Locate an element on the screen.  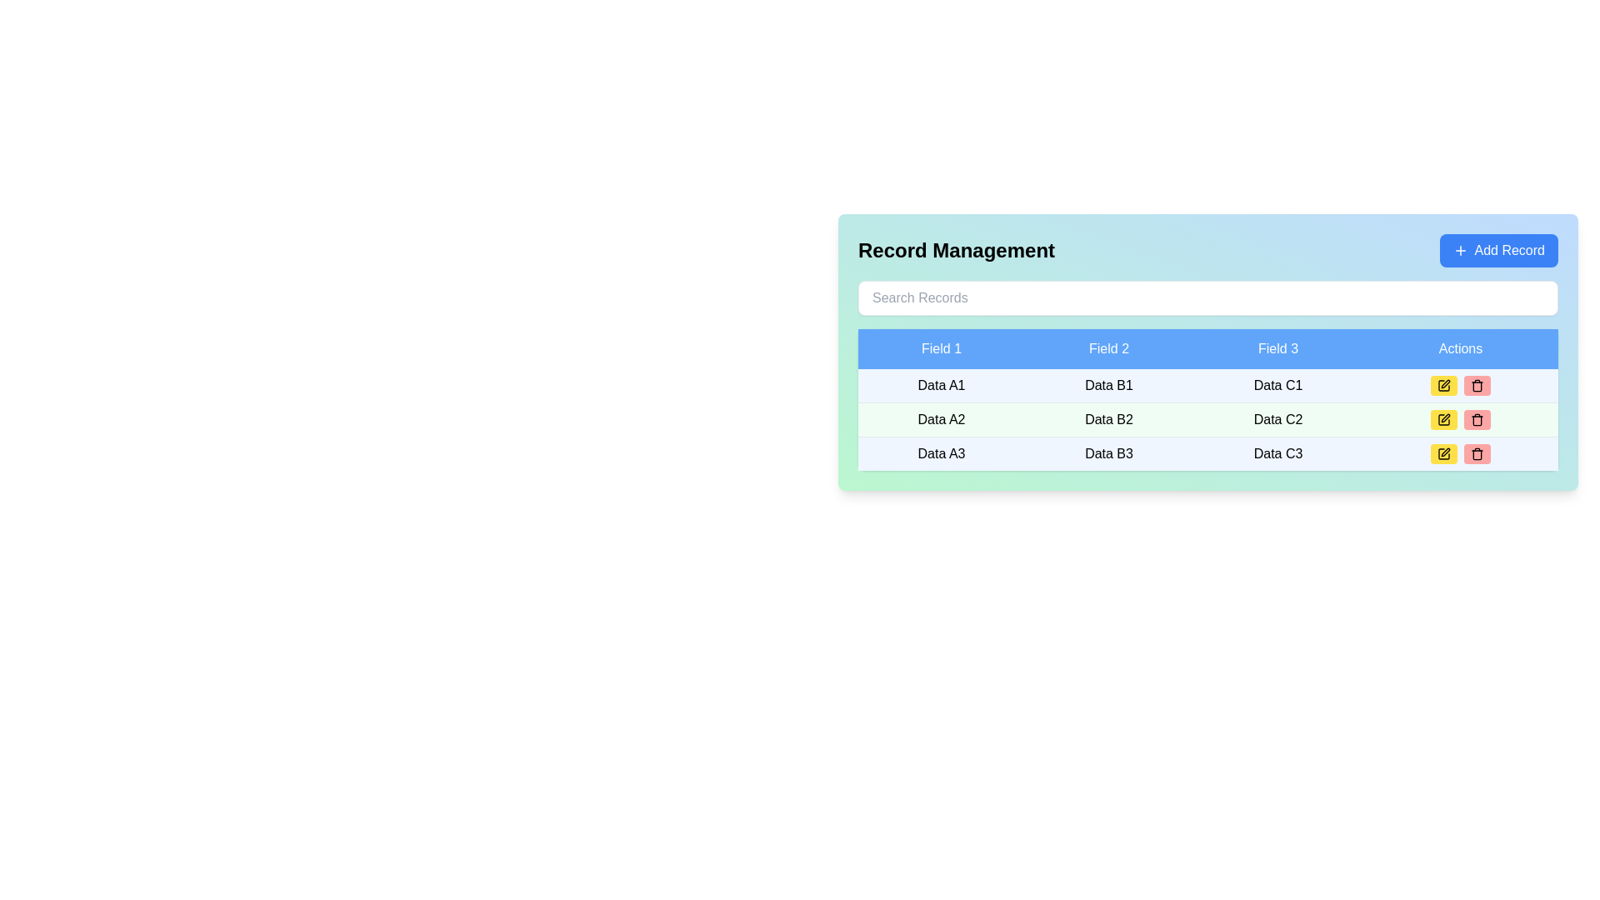
the Text Label in the second column of the second row of the striped table layout, located between 'Data A2' and 'Data C2' is located at coordinates (1108, 419).